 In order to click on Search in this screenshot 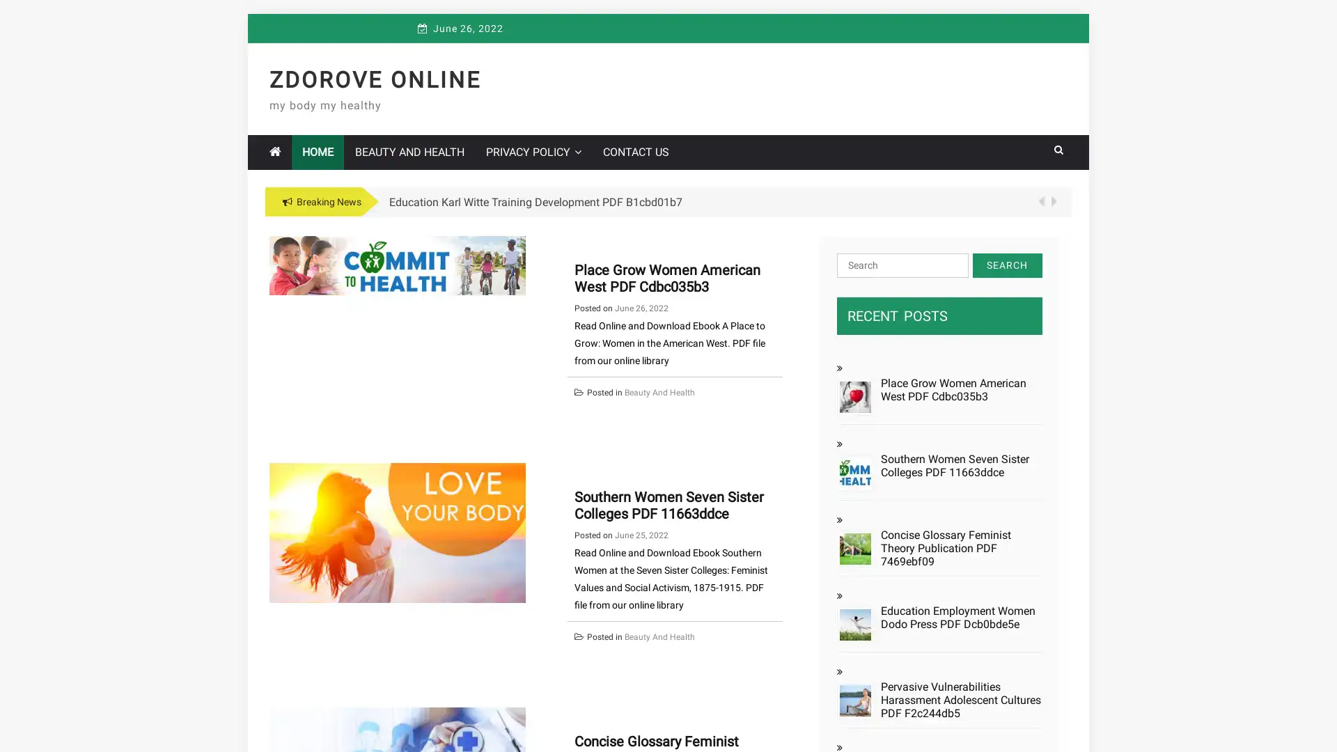, I will do `click(1006, 265)`.